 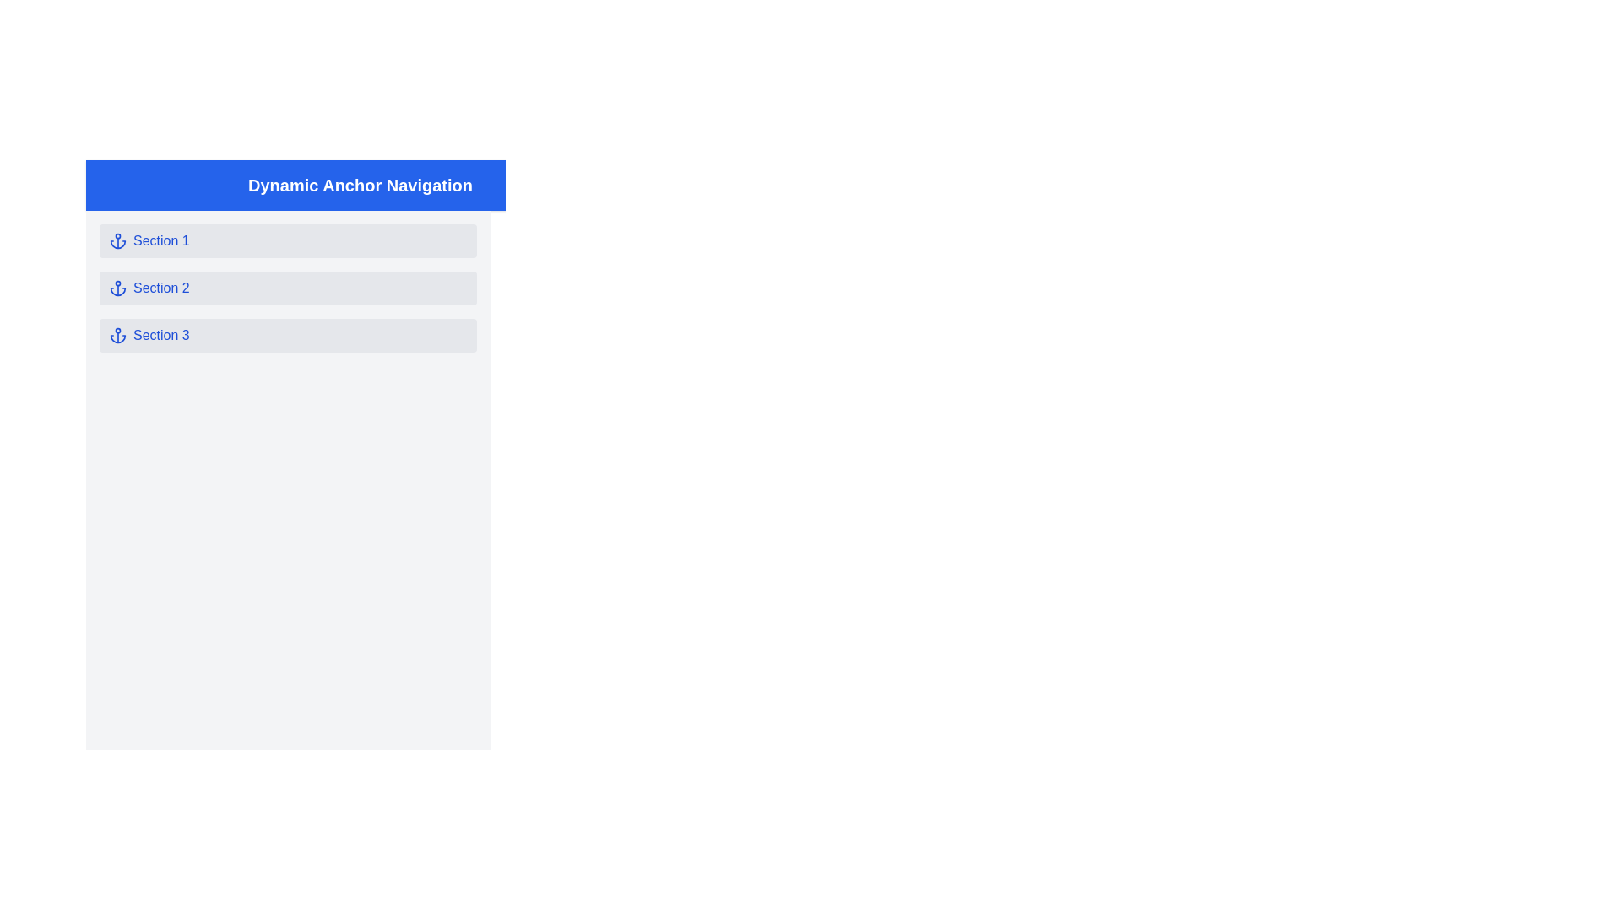 What do you see at coordinates (288, 240) in the screenshot?
I see `the first interactive link in the Dynamic Anchor Navigation list for keyboard navigation` at bounding box center [288, 240].